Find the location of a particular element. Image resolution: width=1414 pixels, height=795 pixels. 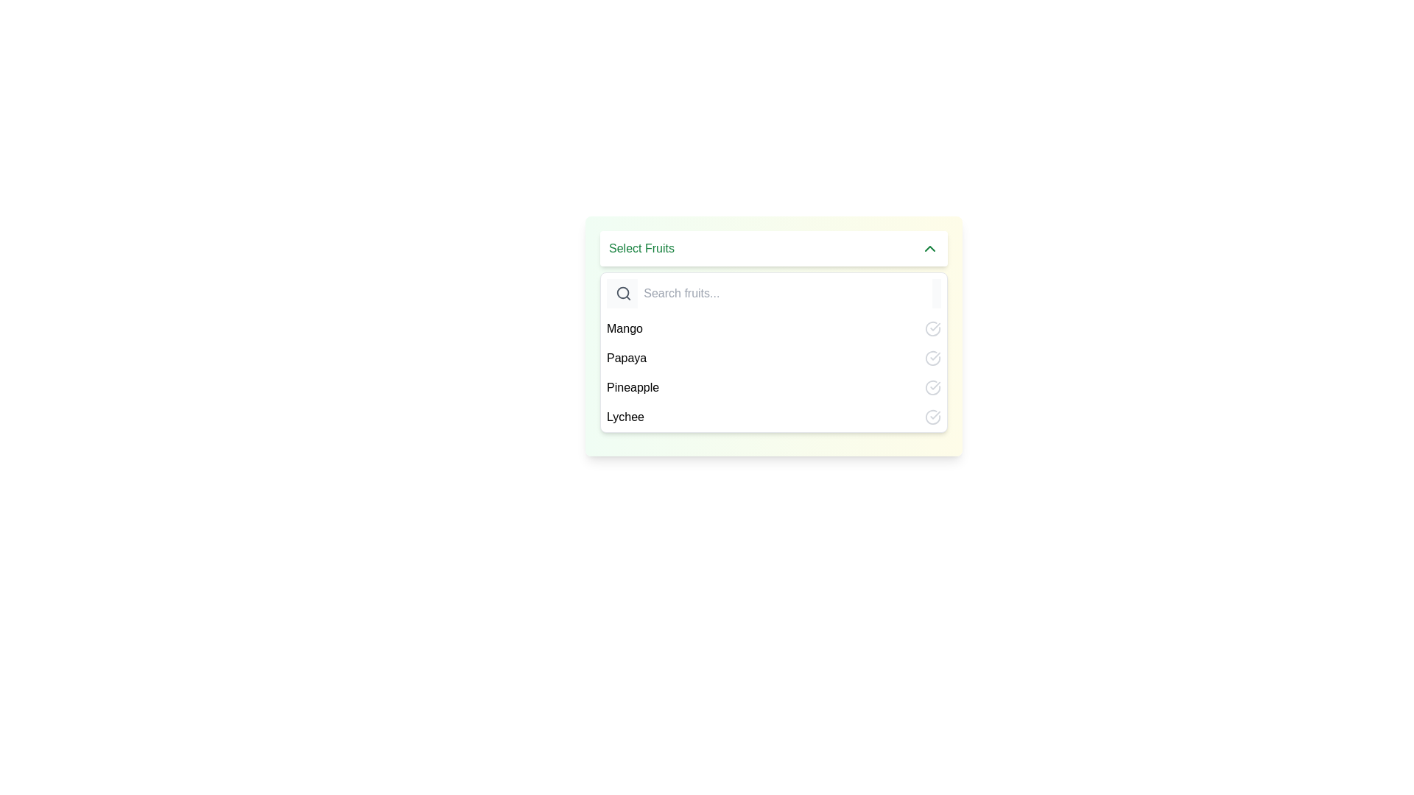

the selectable list item representing the 'Lychee' option in the dropdown menu is located at coordinates (773, 417).